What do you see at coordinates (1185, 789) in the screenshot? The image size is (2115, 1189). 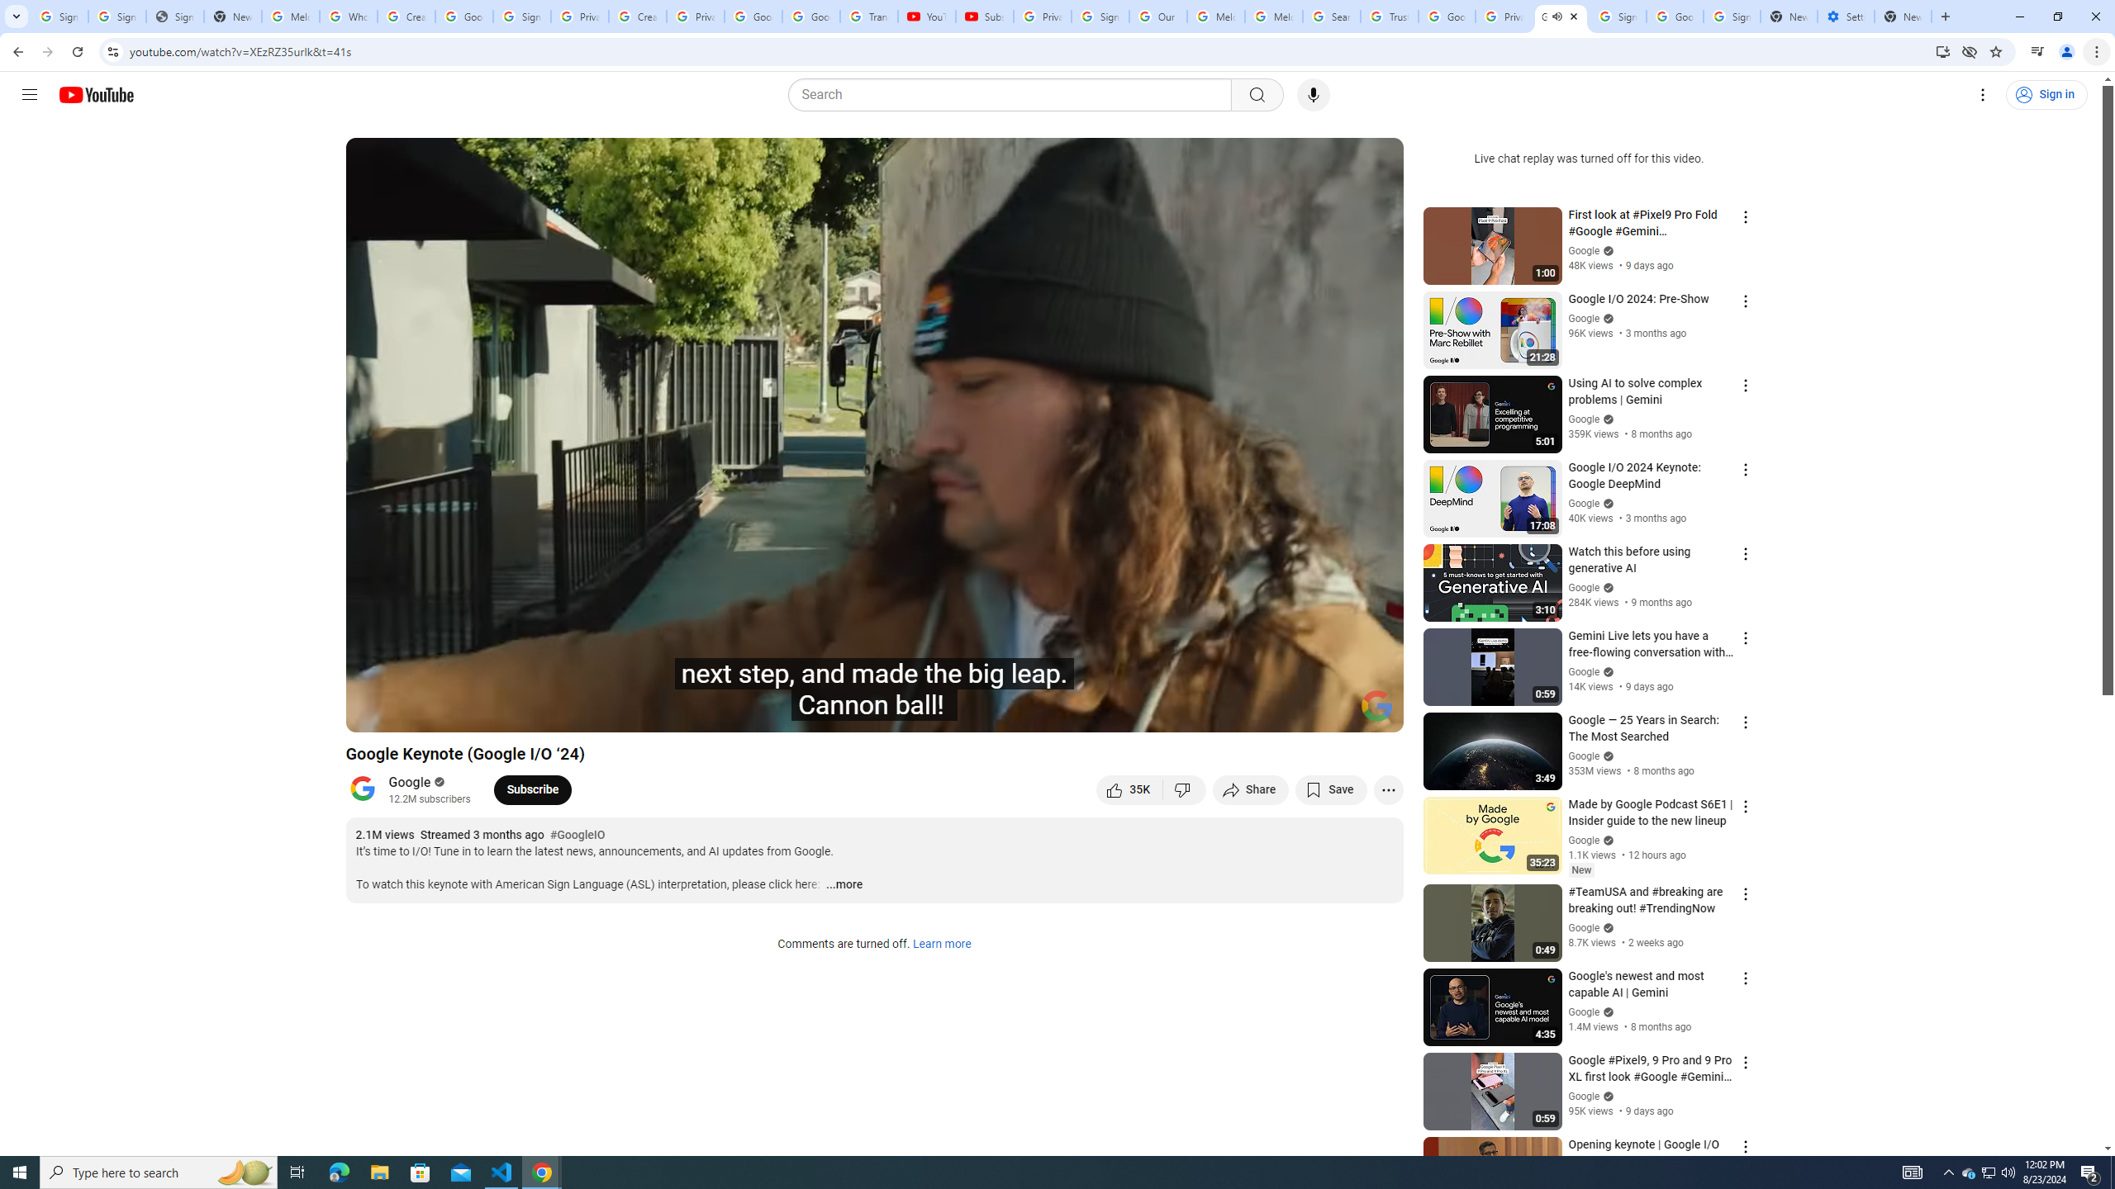 I see `'Dislike this video'` at bounding box center [1185, 789].